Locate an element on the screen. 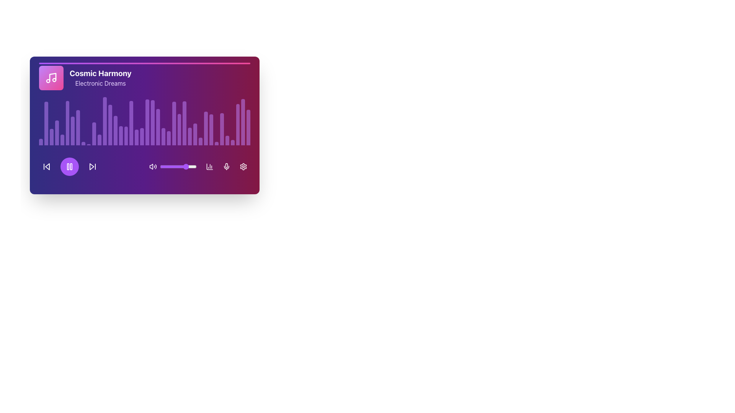 Image resolution: width=735 pixels, height=413 pixels. the 35th vertical bar in the sound equalizer interface, which has a purple background and rounded top is located at coordinates (227, 140).